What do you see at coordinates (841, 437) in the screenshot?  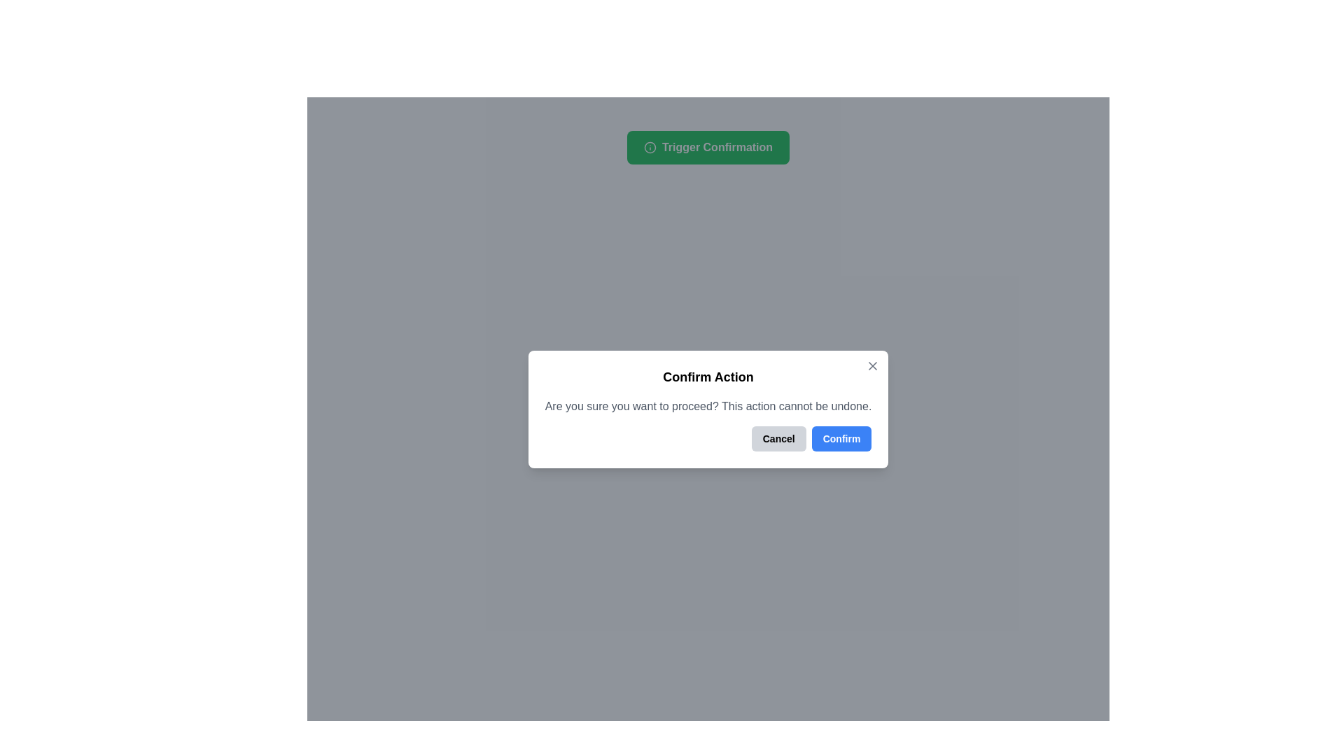 I see `the 'Confirm' button located at the bottom-right corner of the modal dialog` at bounding box center [841, 437].